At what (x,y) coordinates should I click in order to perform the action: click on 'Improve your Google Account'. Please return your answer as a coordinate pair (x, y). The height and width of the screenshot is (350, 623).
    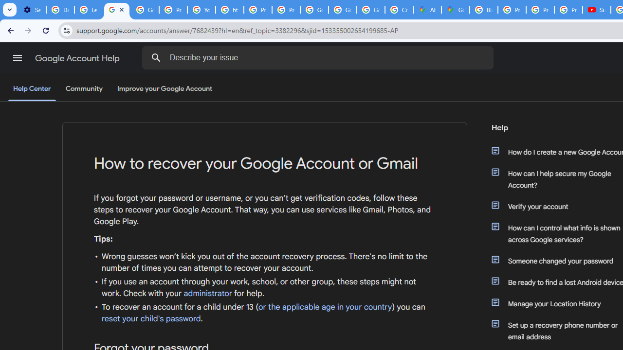
    Looking at the image, I should click on (165, 89).